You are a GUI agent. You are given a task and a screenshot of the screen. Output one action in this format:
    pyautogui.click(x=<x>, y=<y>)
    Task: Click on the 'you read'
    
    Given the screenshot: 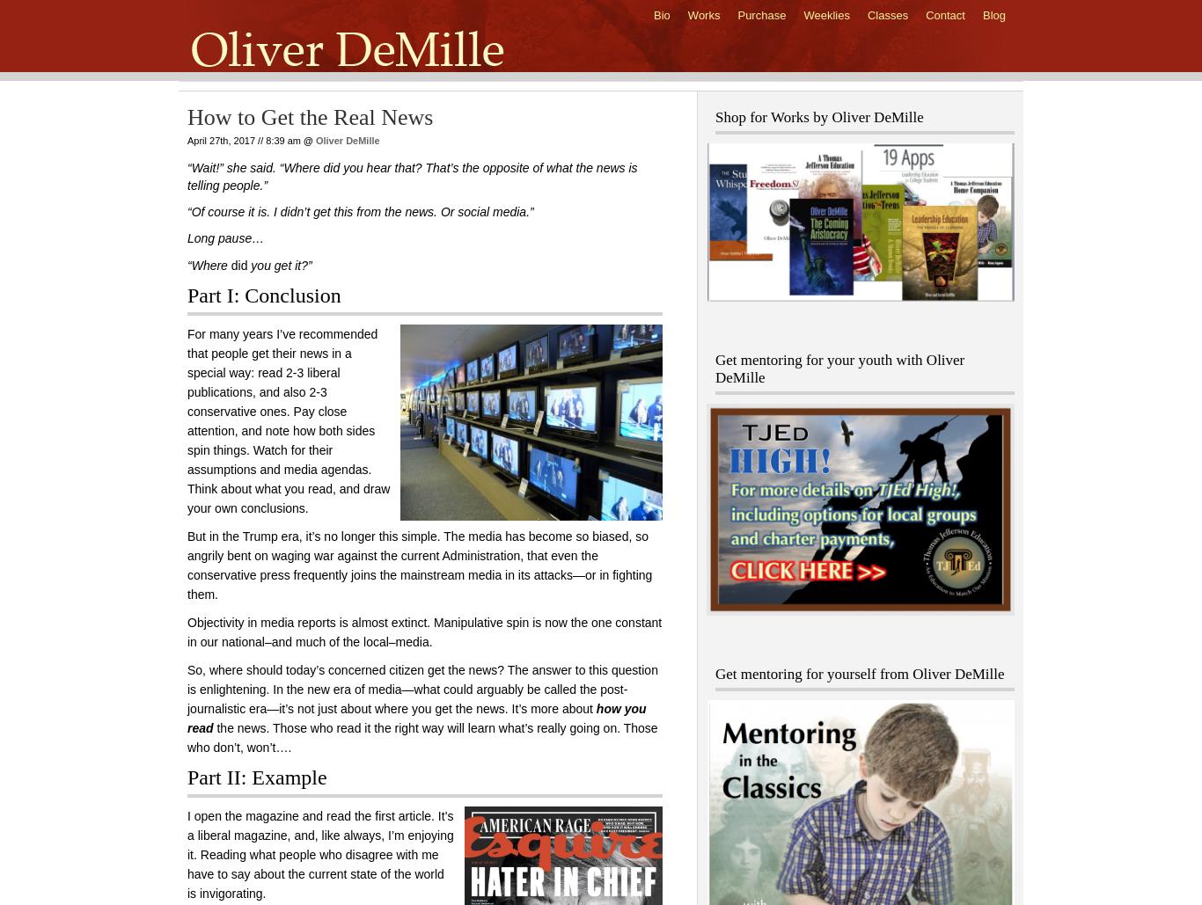 What is the action you would take?
    pyautogui.click(x=416, y=718)
    